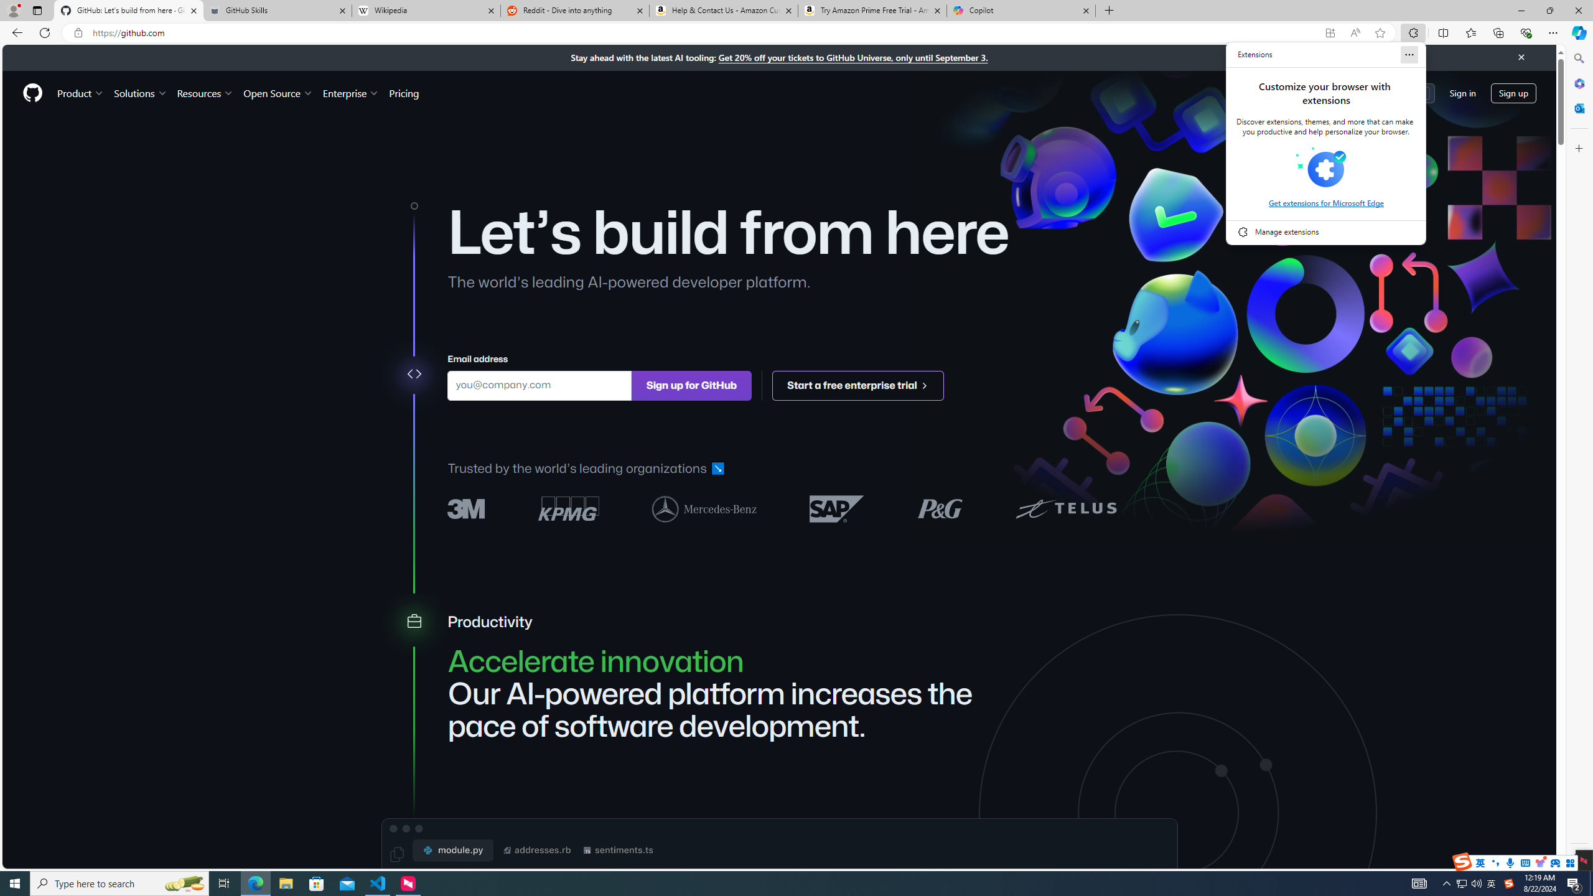 This screenshot has height=896, width=1593. Describe the element at coordinates (378, 882) in the screenshot. I see `'Visual Studio Code - 1 running window'` at that location.